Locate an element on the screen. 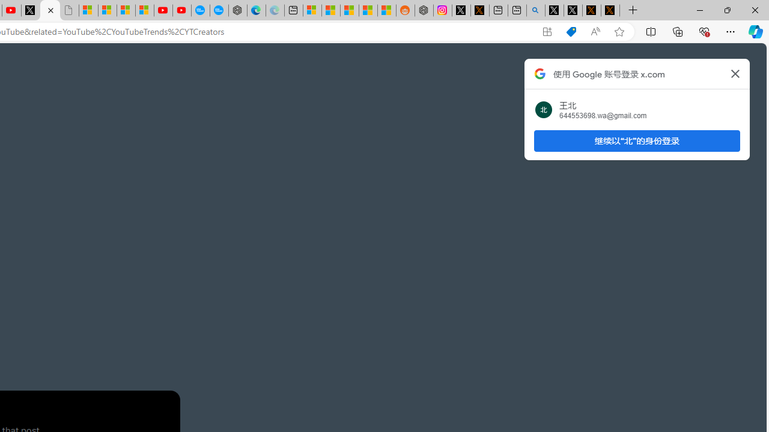 This screenshot has height=432, width=769. 'Minimize' is located at coordinates (699, 10).